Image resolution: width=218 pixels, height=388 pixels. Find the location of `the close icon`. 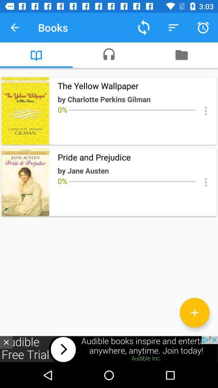

the close icon is located at coordinates (6, 342).